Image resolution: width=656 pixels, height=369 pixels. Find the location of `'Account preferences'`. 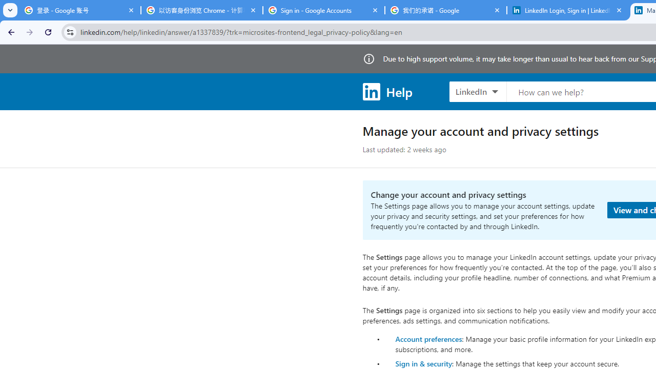

'Account preferences' is located at coordinates (428, 338).